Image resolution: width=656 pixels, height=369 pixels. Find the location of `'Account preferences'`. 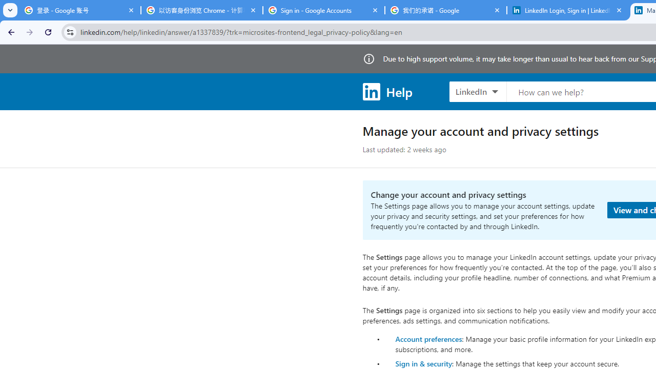

'Account preferences' is located at coordinates (428, 338).